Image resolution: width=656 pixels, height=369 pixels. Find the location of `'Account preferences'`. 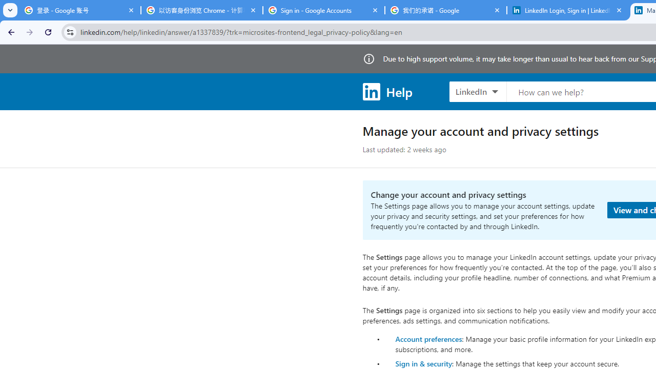

'Account preferences' is located at coordinates (428, 338).